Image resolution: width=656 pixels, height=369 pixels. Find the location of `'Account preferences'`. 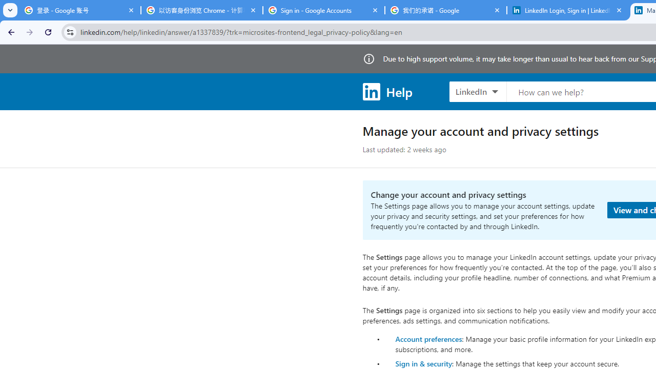

'Account preferences' is located at coordinates (428, 338).